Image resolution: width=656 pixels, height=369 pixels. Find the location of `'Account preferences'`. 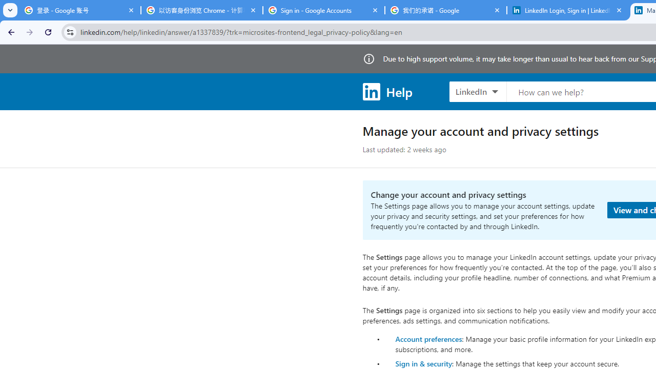

'Account preferences' is located at coordinates (428, 338).